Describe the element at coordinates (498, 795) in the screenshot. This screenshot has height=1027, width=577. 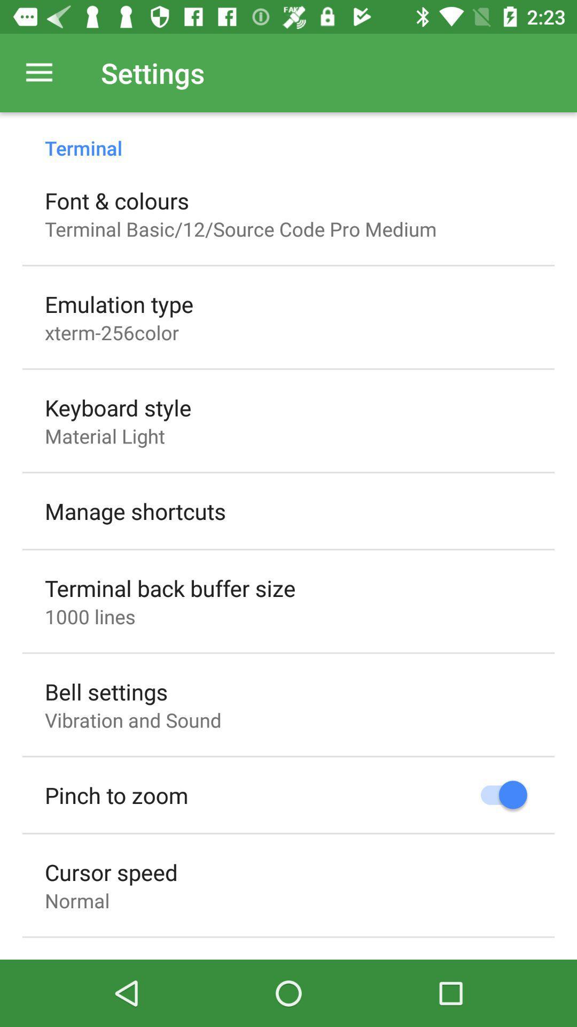
I see `item to the right of the pinch to zoom icon` at that location.